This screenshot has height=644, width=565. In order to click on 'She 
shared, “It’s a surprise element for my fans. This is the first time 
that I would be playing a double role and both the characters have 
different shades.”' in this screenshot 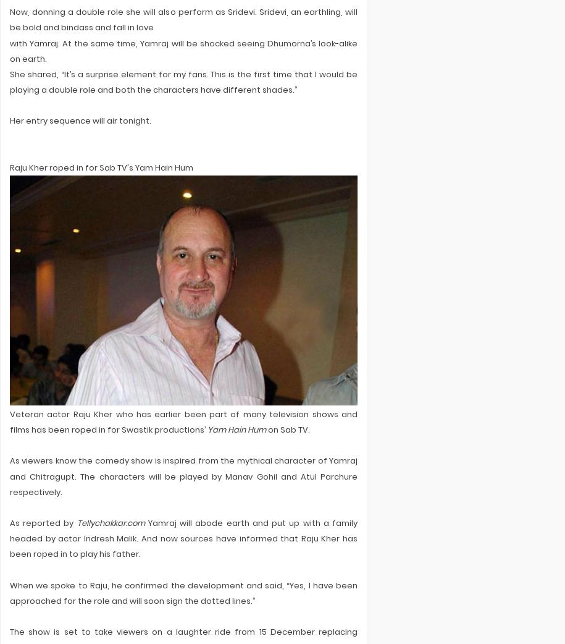, I will do `click(183, 82)`.